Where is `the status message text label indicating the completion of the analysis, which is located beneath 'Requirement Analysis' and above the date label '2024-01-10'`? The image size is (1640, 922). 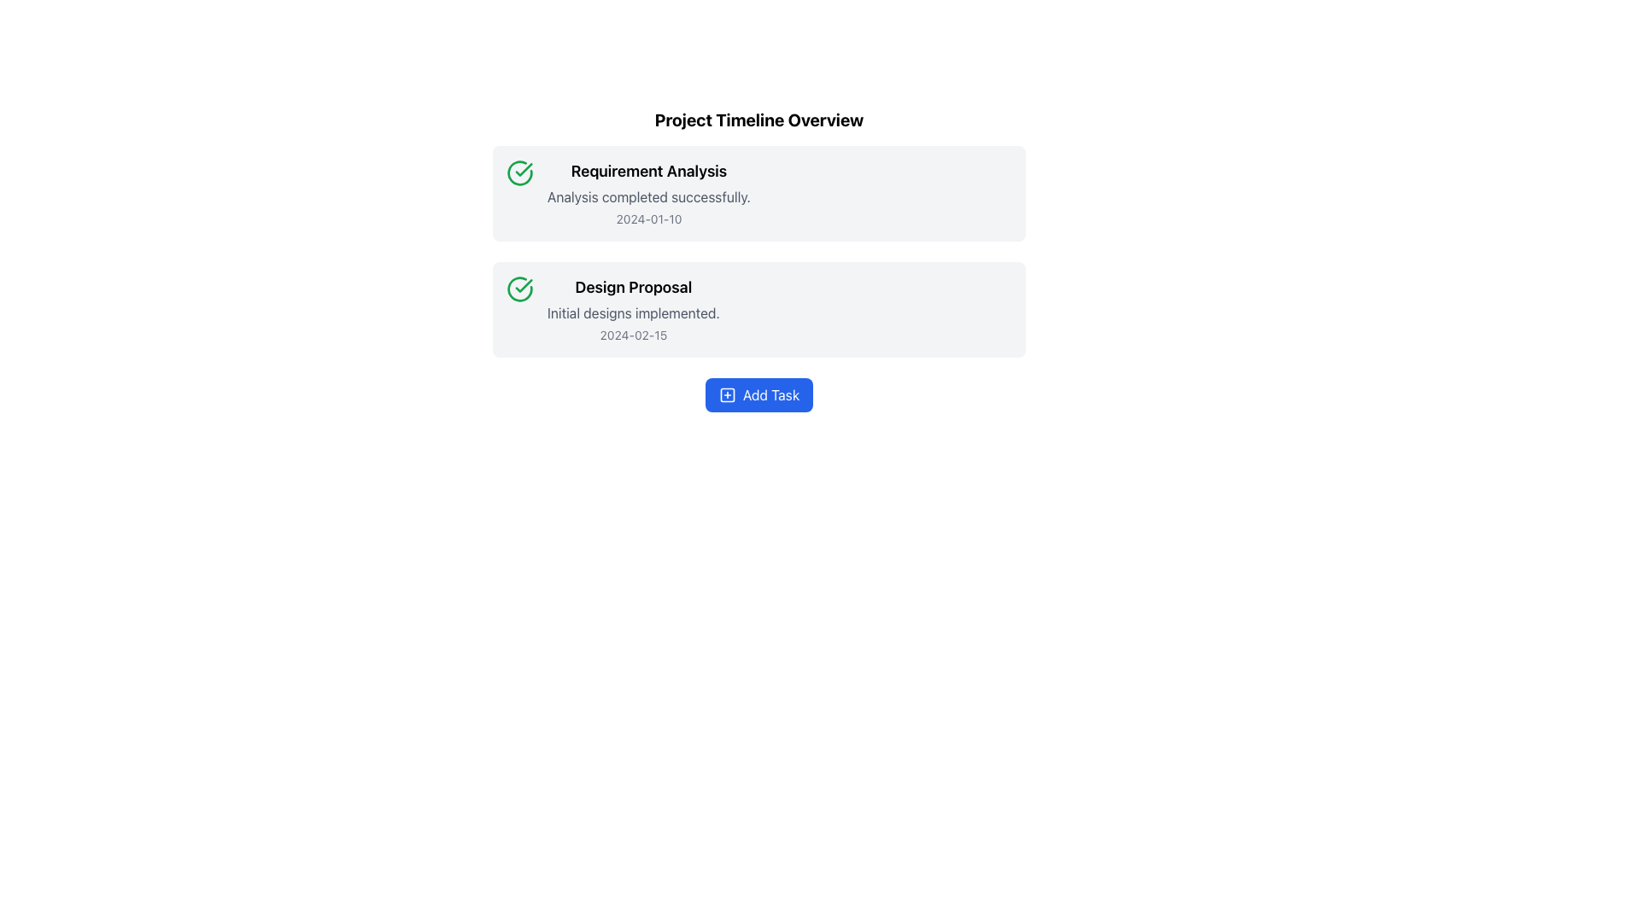 the status message text label indicating the completion of the analysis, which is located beneath 'Requirement Analysis' and above the date label '2024-01-10' is located at coordinates (647, 196).